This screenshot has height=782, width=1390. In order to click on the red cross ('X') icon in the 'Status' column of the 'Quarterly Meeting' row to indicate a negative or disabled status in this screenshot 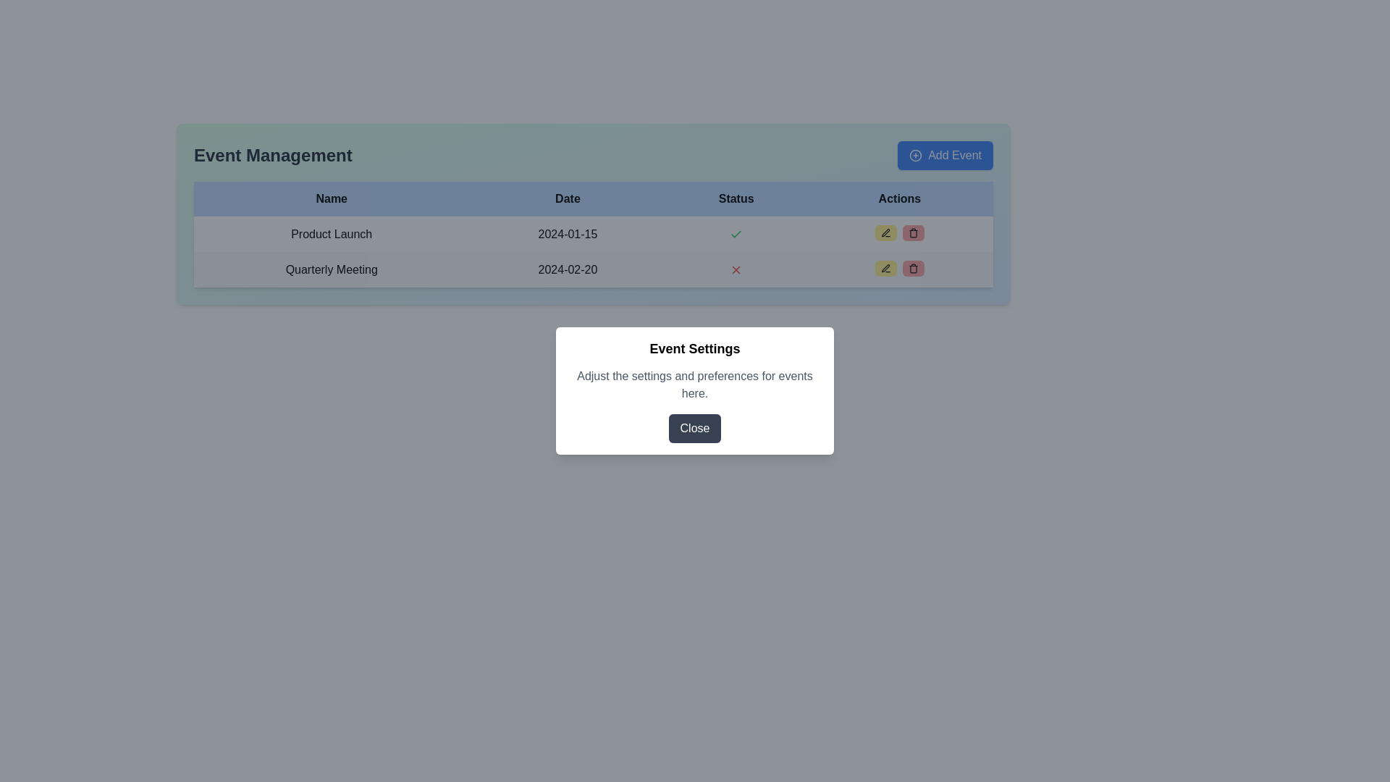, I will do `click(736, 269)`.